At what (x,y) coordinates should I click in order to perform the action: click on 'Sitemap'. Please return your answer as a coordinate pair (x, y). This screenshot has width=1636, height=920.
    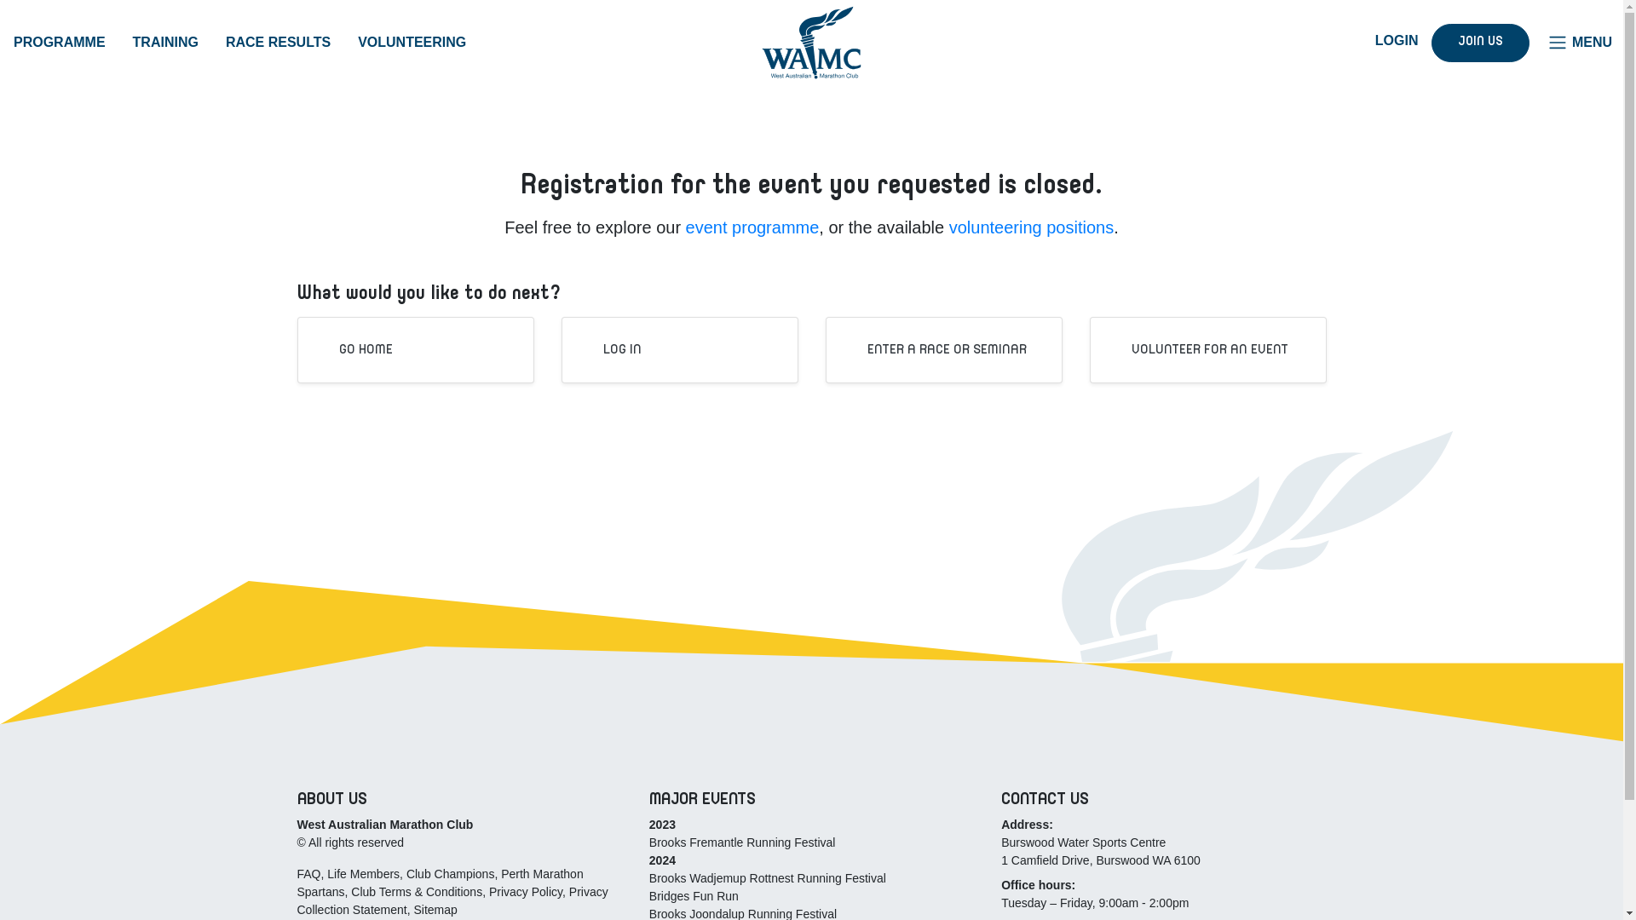
    Looking at the image, I should click on (412, 909).